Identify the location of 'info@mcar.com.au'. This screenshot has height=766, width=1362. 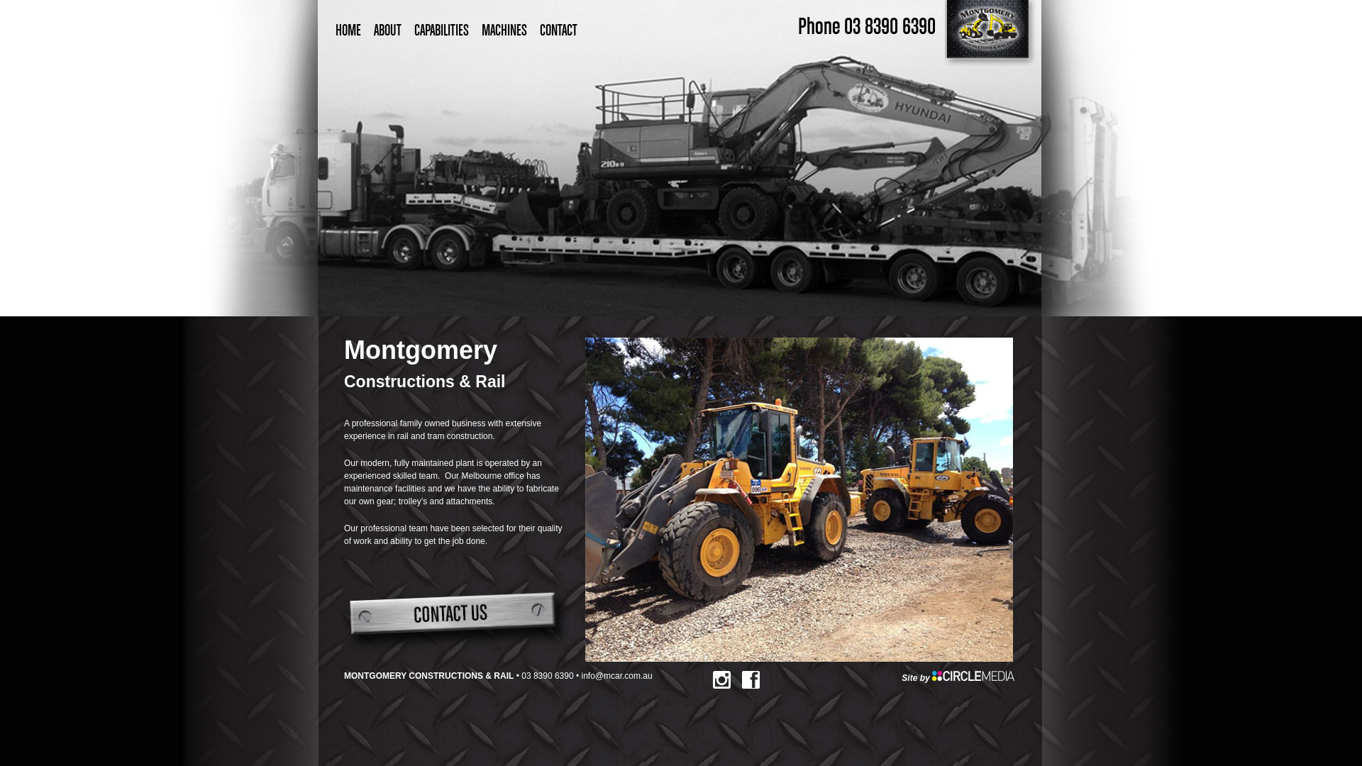
(582, 675).